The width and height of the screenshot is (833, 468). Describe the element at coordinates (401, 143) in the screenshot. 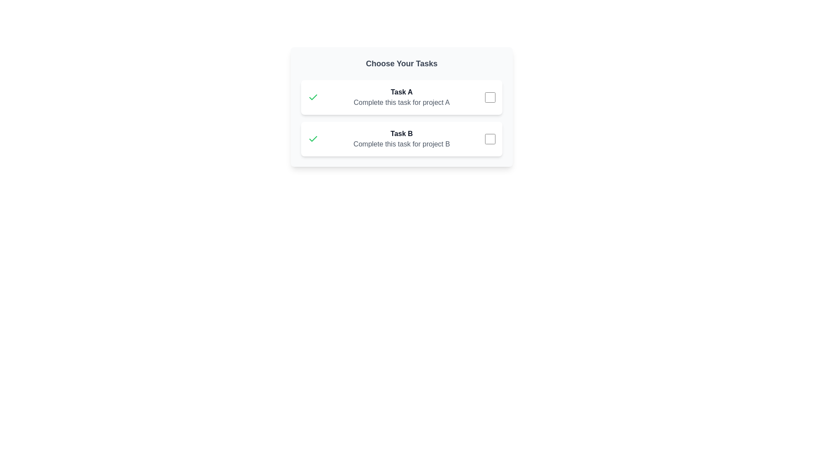

I see `the label with gray font reading 'Complete this task for project B', located beneath 'Task B'` at that location.